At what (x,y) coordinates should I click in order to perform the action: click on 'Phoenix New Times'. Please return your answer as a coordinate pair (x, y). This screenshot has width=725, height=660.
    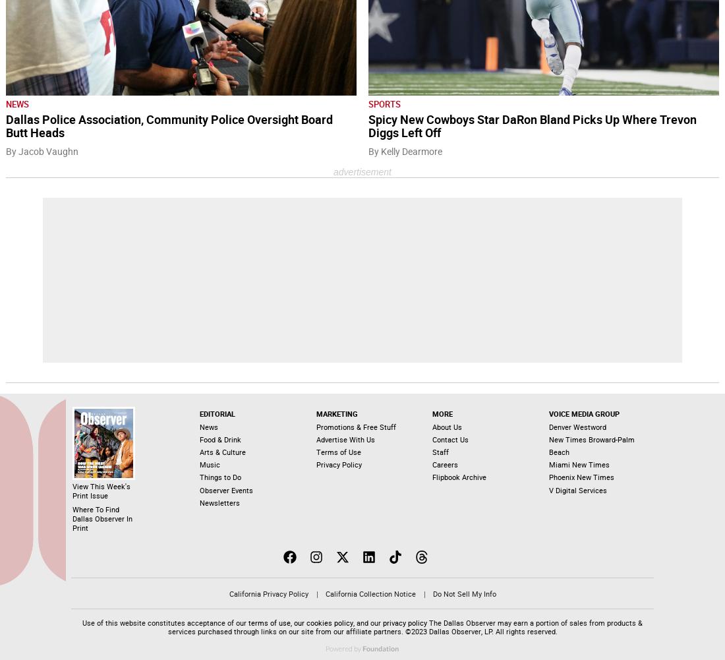
    Looking at the image, I should click on (581, 477).